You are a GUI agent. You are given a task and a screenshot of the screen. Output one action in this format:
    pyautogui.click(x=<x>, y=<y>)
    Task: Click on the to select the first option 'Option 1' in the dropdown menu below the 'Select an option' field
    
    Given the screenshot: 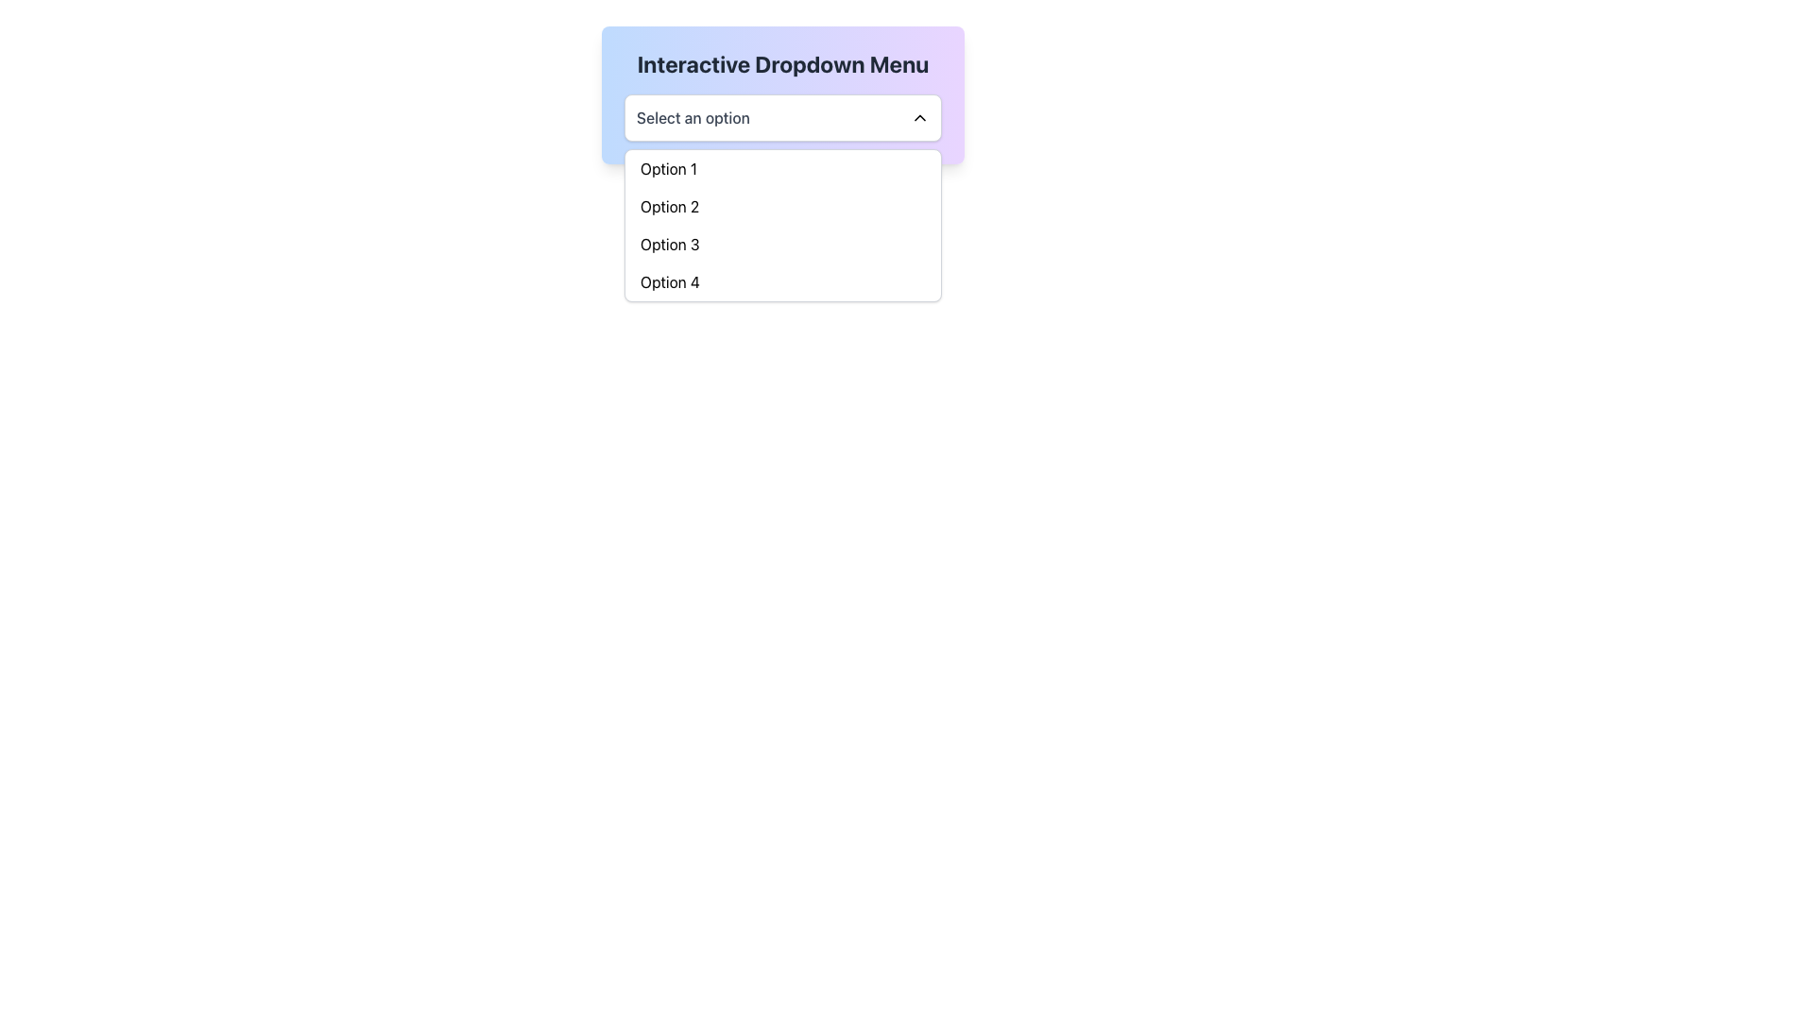 What is the action you would take?
    pyautogui.click(x=783, y=167)
    